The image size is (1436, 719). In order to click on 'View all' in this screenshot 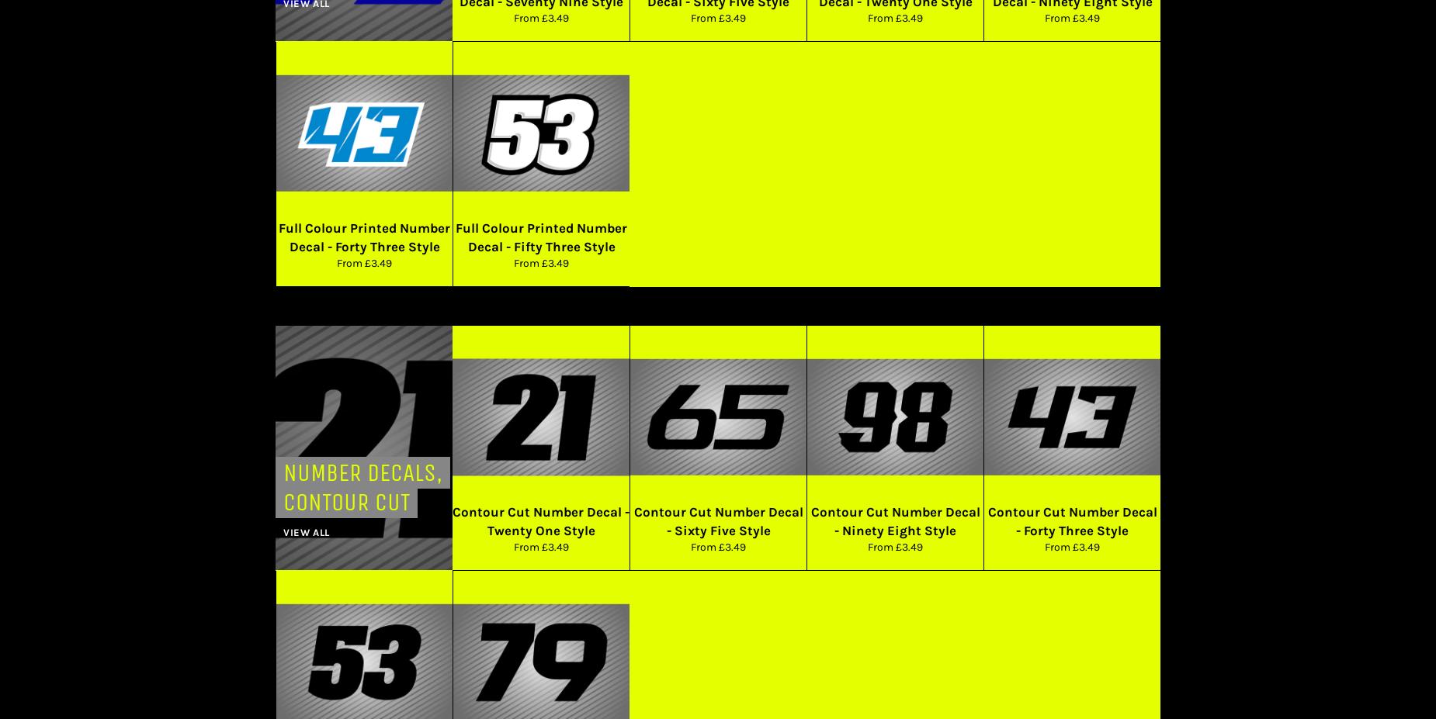, I will do `click(305, 531)`.